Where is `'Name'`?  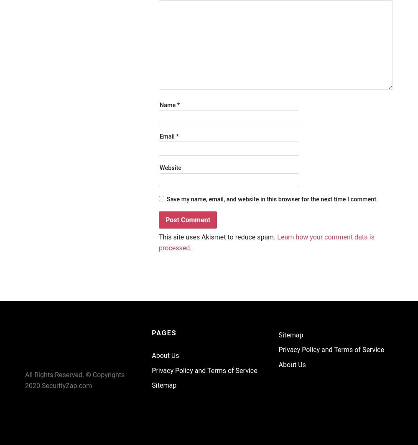
'Name' is located at coordinates (168, 105).